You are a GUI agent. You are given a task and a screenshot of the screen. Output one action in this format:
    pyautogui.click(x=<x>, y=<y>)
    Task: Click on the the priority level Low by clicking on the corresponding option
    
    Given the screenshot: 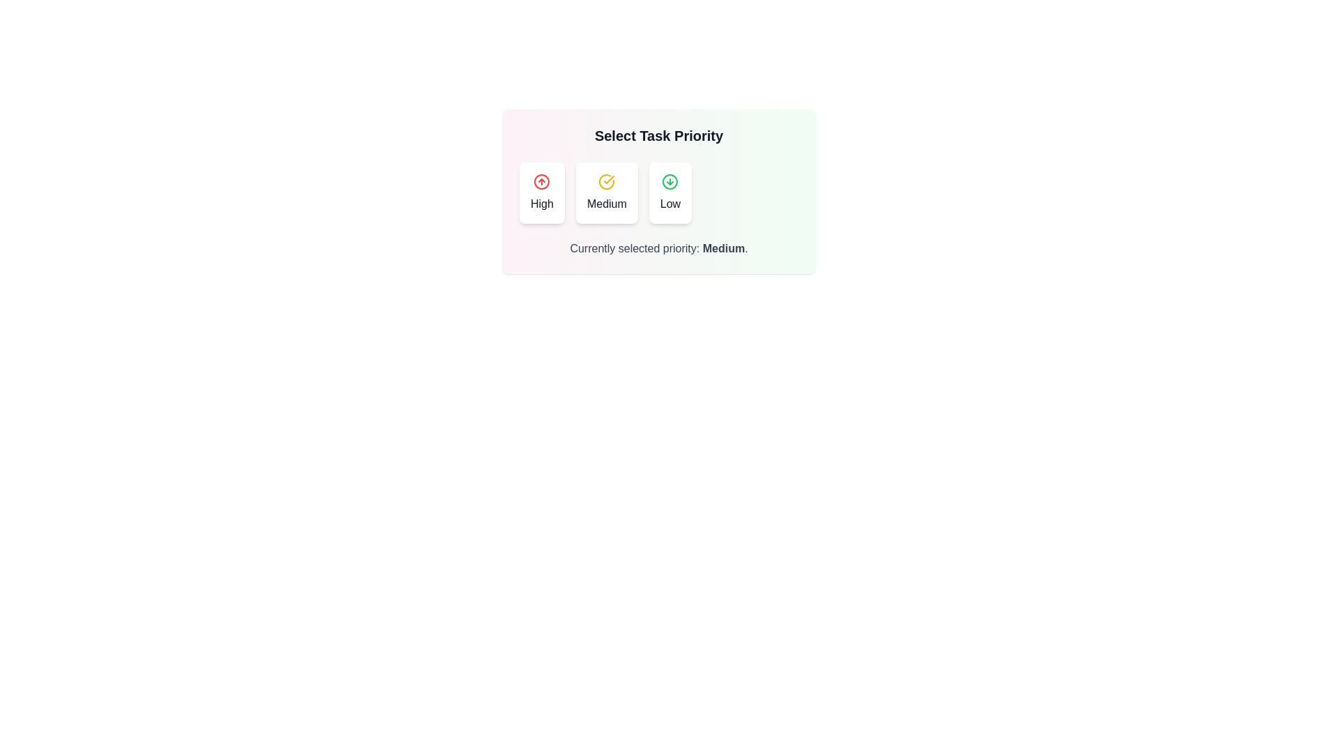 What is the action you would take?
    pyautogui.click(x=669, y=193)
    